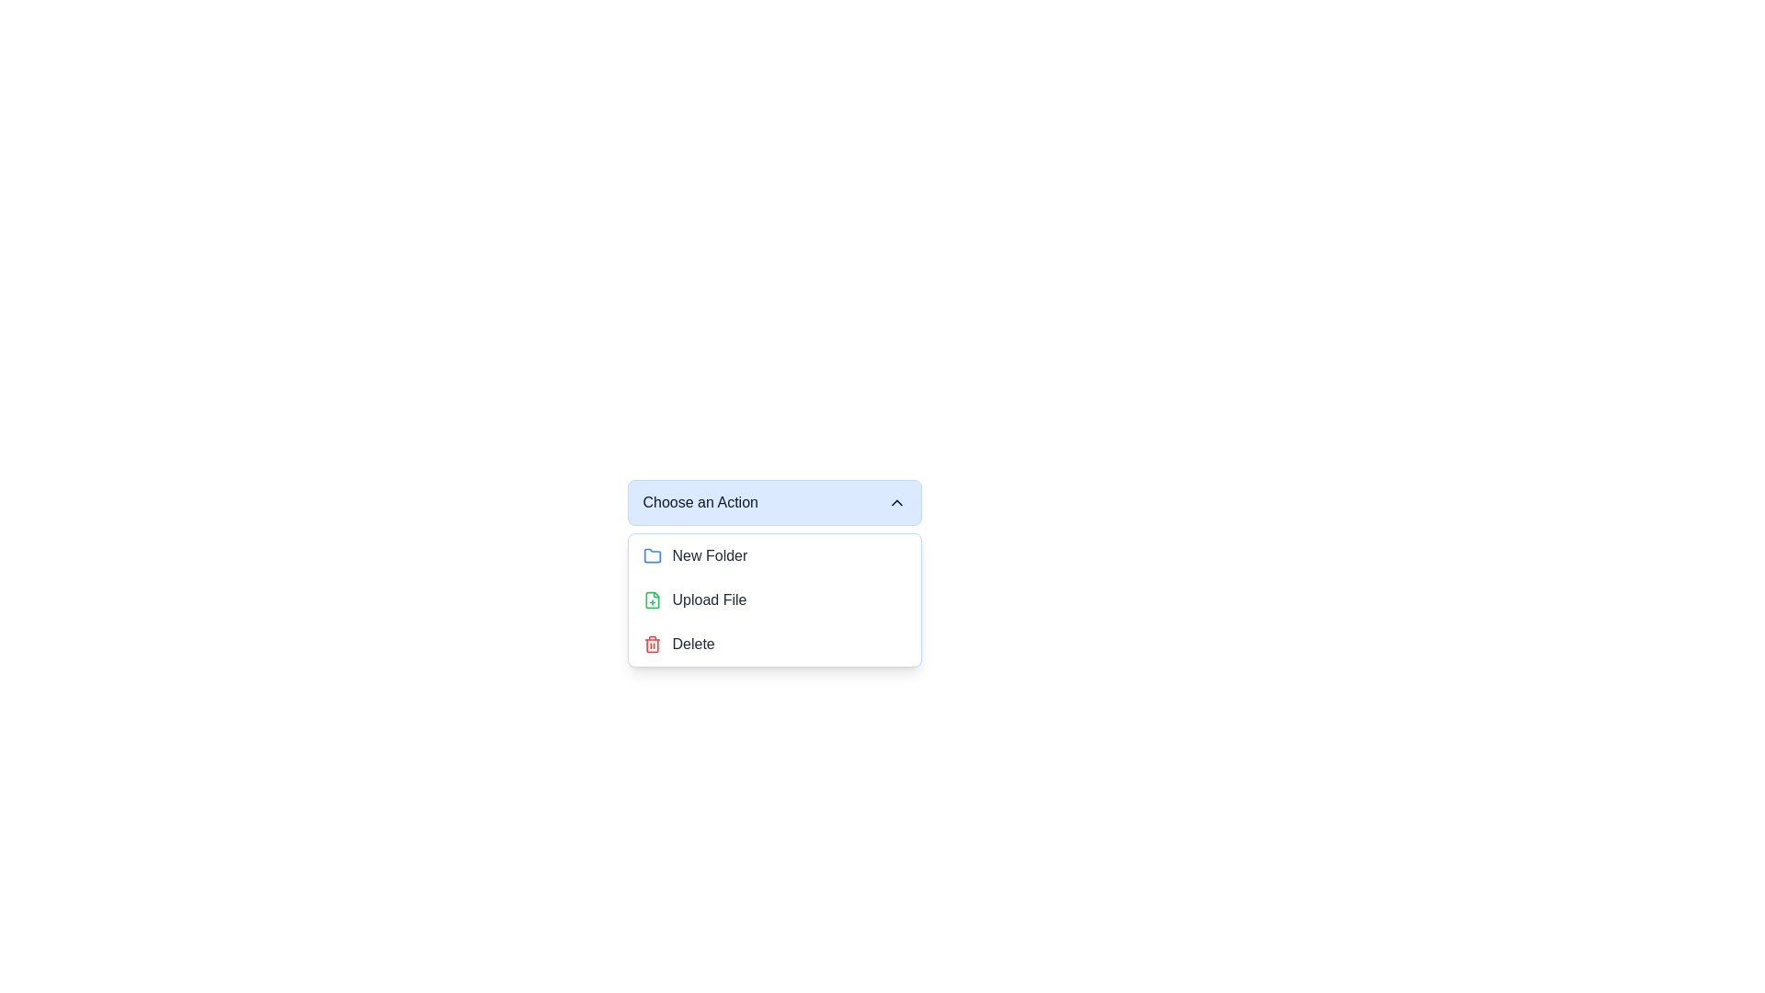  I want to click on the 'Choose an Action' label within the blue rectangular button that has rounded corners, located in the upper region of the dropdown-style button, so click(700, 503).